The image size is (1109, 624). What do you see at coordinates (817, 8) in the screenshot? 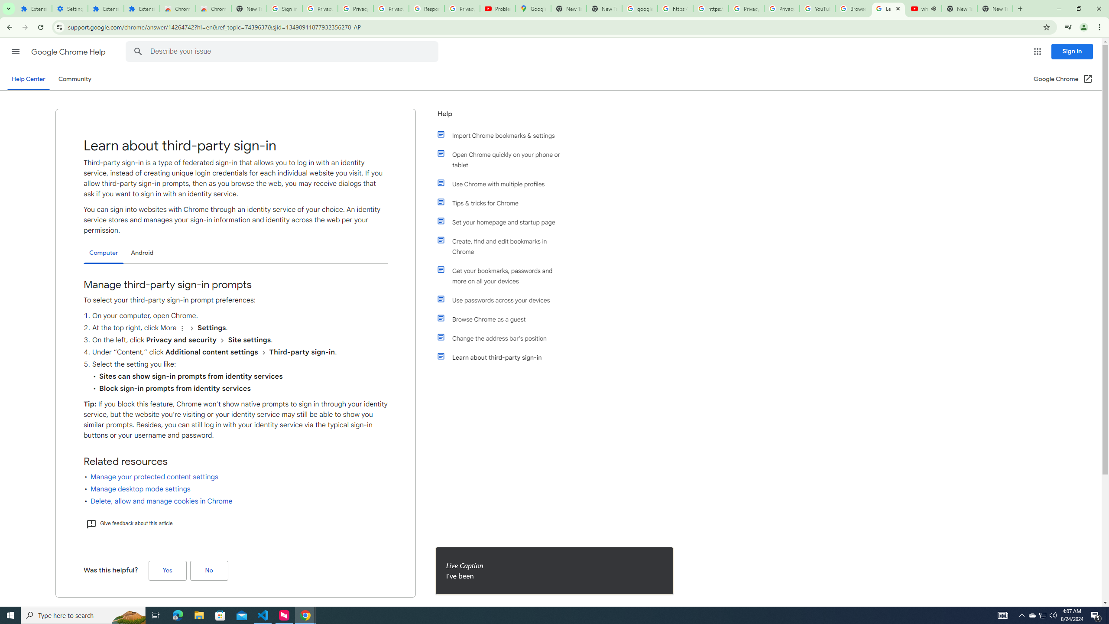
I see `'YouTube'` at bounding box center [817, 8].